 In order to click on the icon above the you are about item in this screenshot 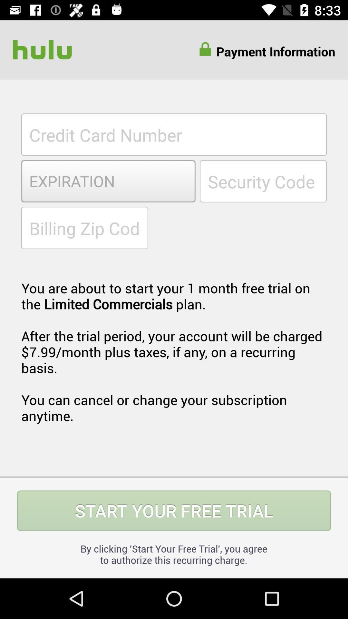, I will do `click(84, 228)`.